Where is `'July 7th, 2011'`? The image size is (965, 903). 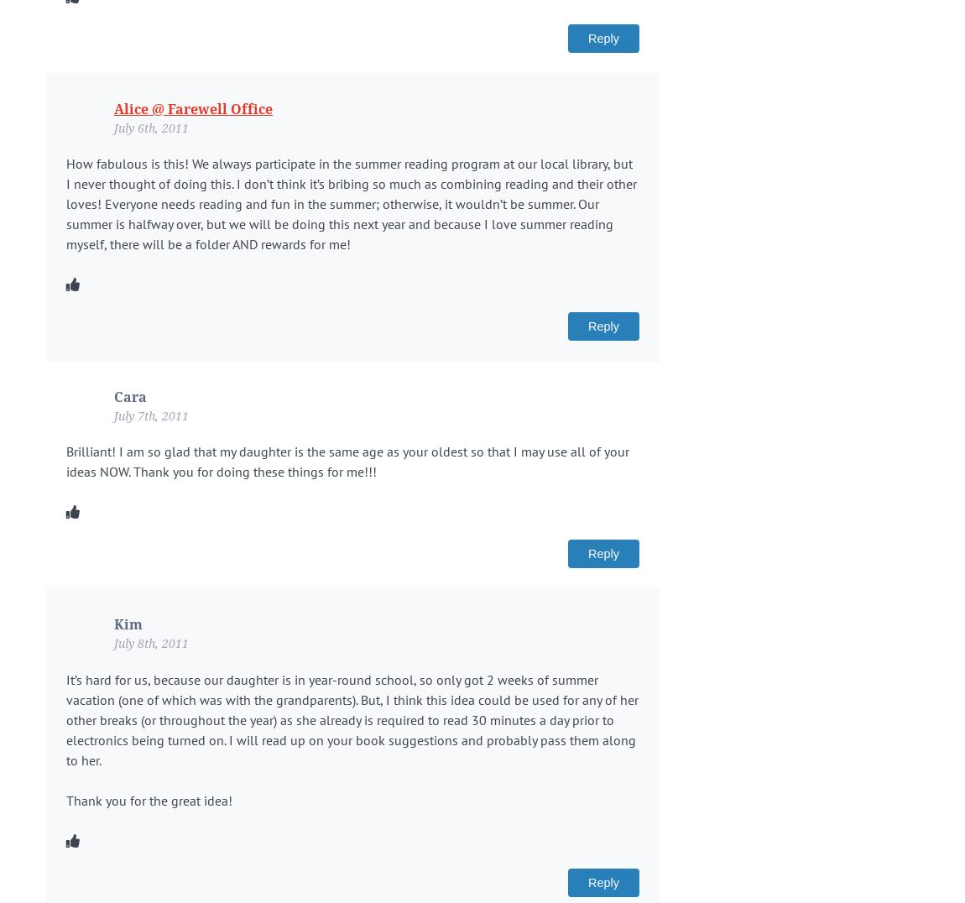 'July 7th, 2011' is located at coordinates (113, 415).